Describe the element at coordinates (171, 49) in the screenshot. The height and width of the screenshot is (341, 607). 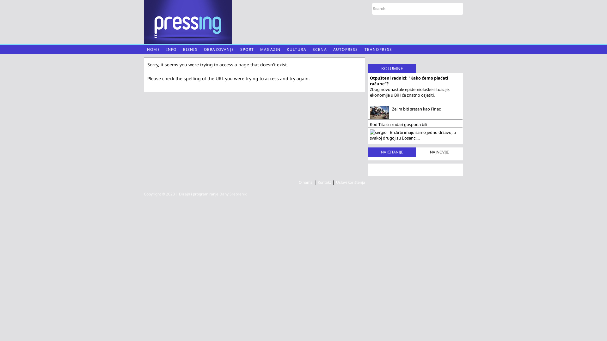
I see `'INFO'` at that location.